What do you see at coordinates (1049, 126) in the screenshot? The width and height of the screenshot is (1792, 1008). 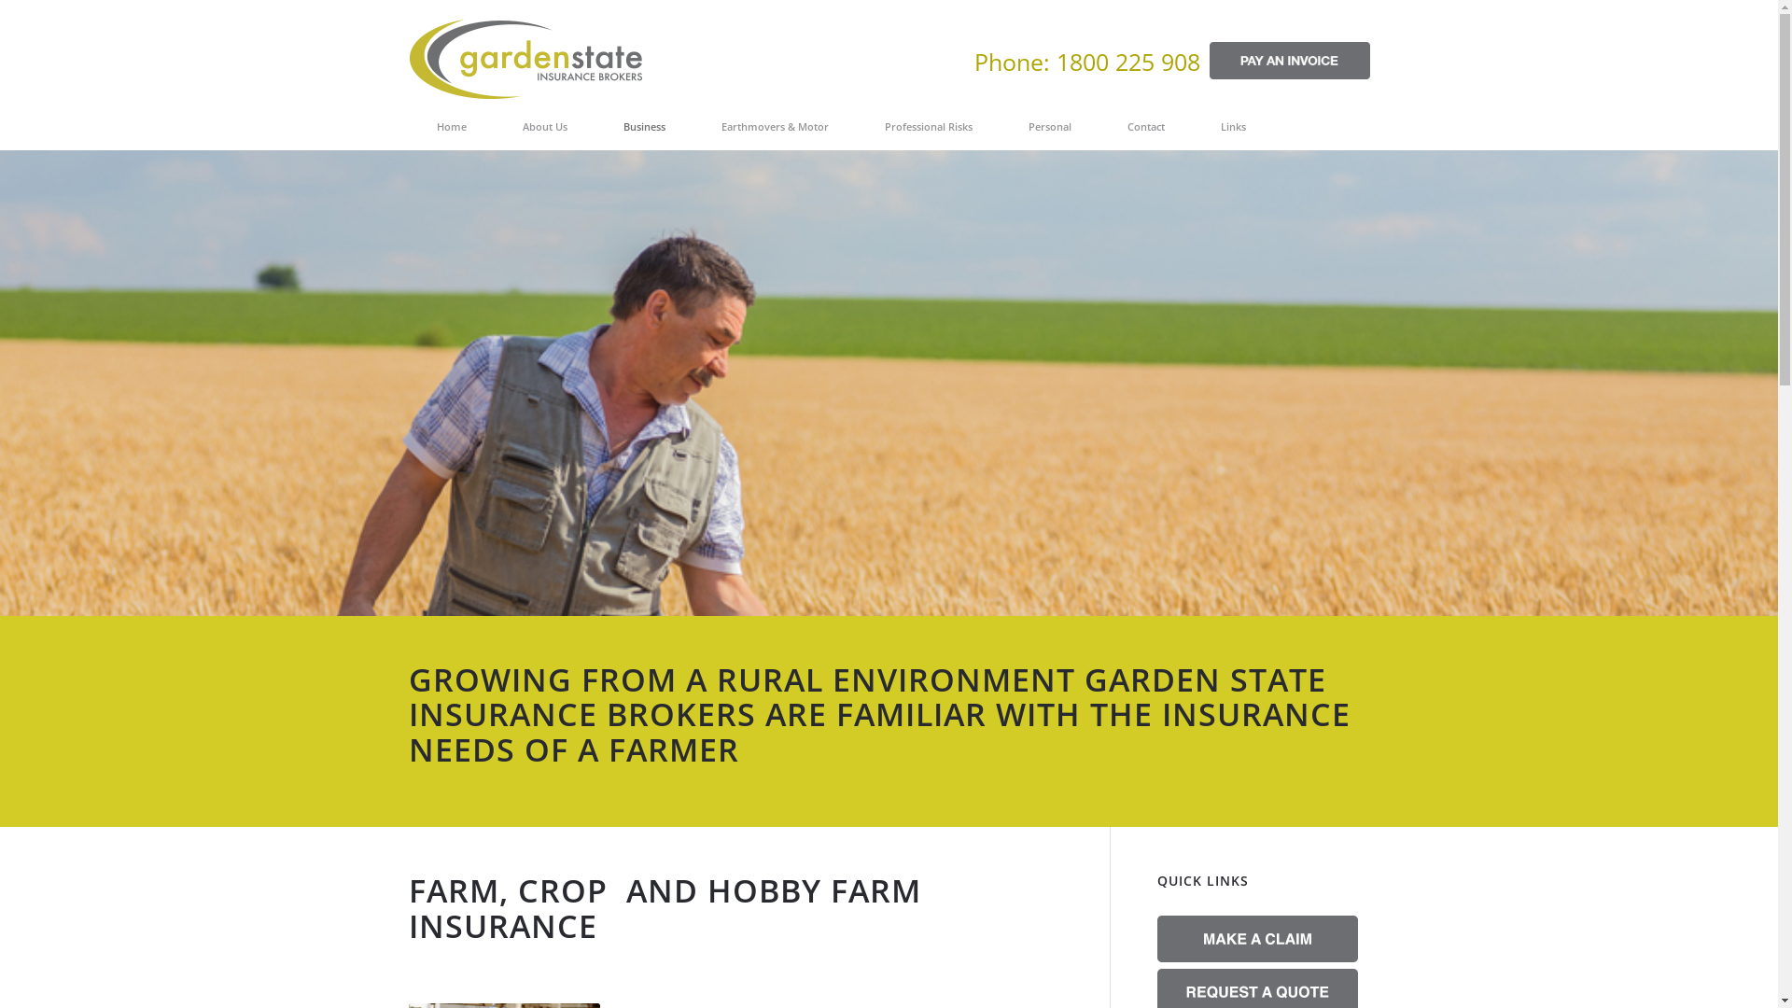 I see `'Personal'` at bounding box center [1049, 126].